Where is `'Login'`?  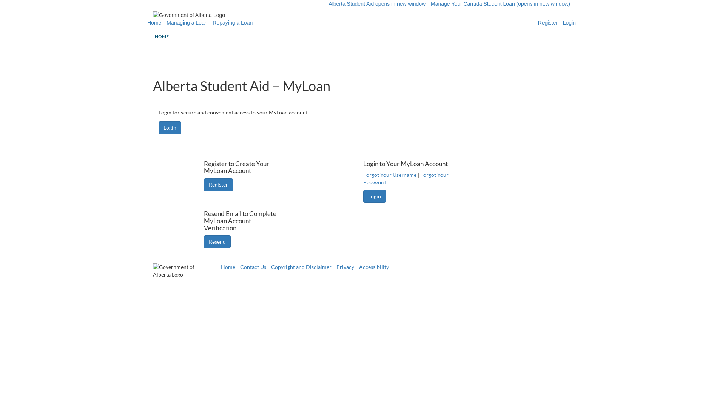
'Login' is located at coordinates (170, 127).